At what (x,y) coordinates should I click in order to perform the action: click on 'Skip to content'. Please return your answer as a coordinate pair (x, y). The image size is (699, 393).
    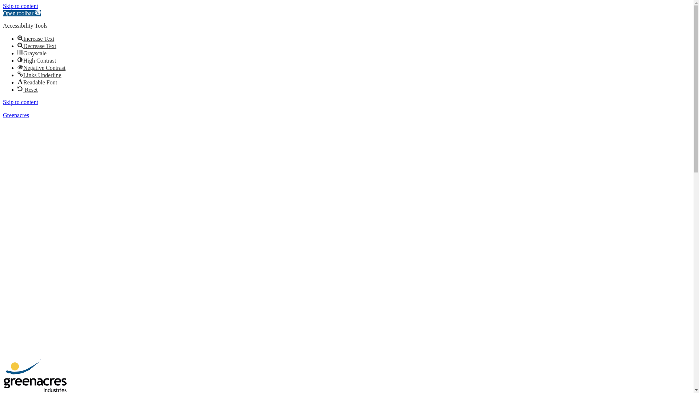
    Looking at the image, I should click on (20, 102).